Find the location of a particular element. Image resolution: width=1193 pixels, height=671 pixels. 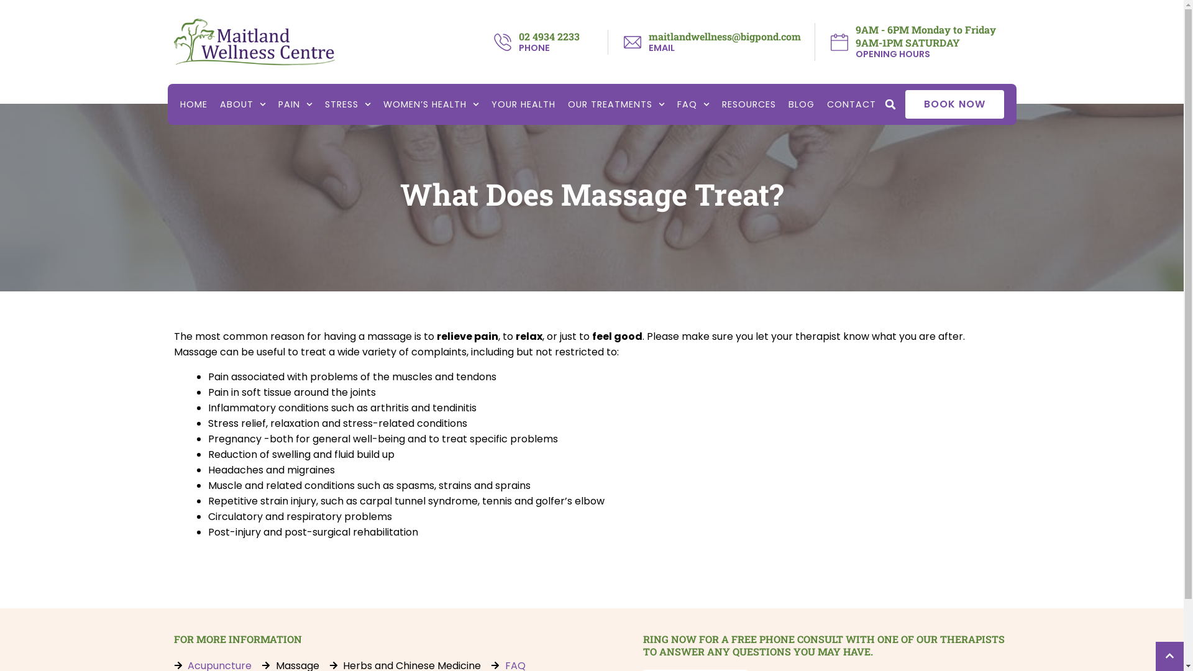

'ABOUT' is located at coordinates (242, 104).